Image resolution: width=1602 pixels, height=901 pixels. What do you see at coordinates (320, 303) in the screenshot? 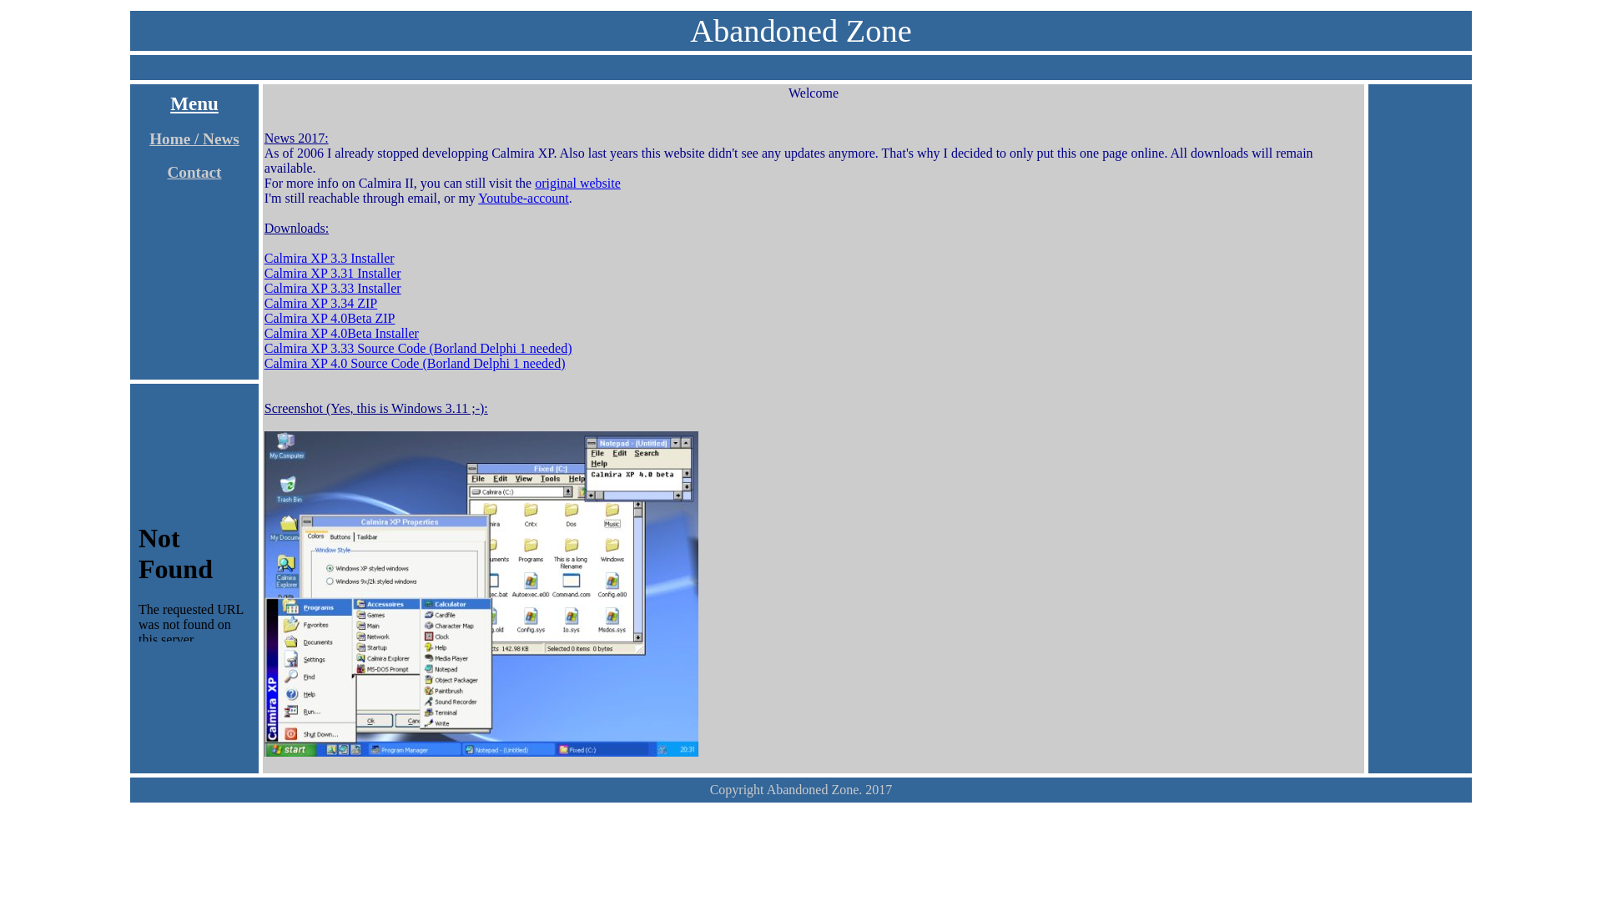
I see `'Calmira XP 3.34 ZIP'` at bounding box center [320, 303].